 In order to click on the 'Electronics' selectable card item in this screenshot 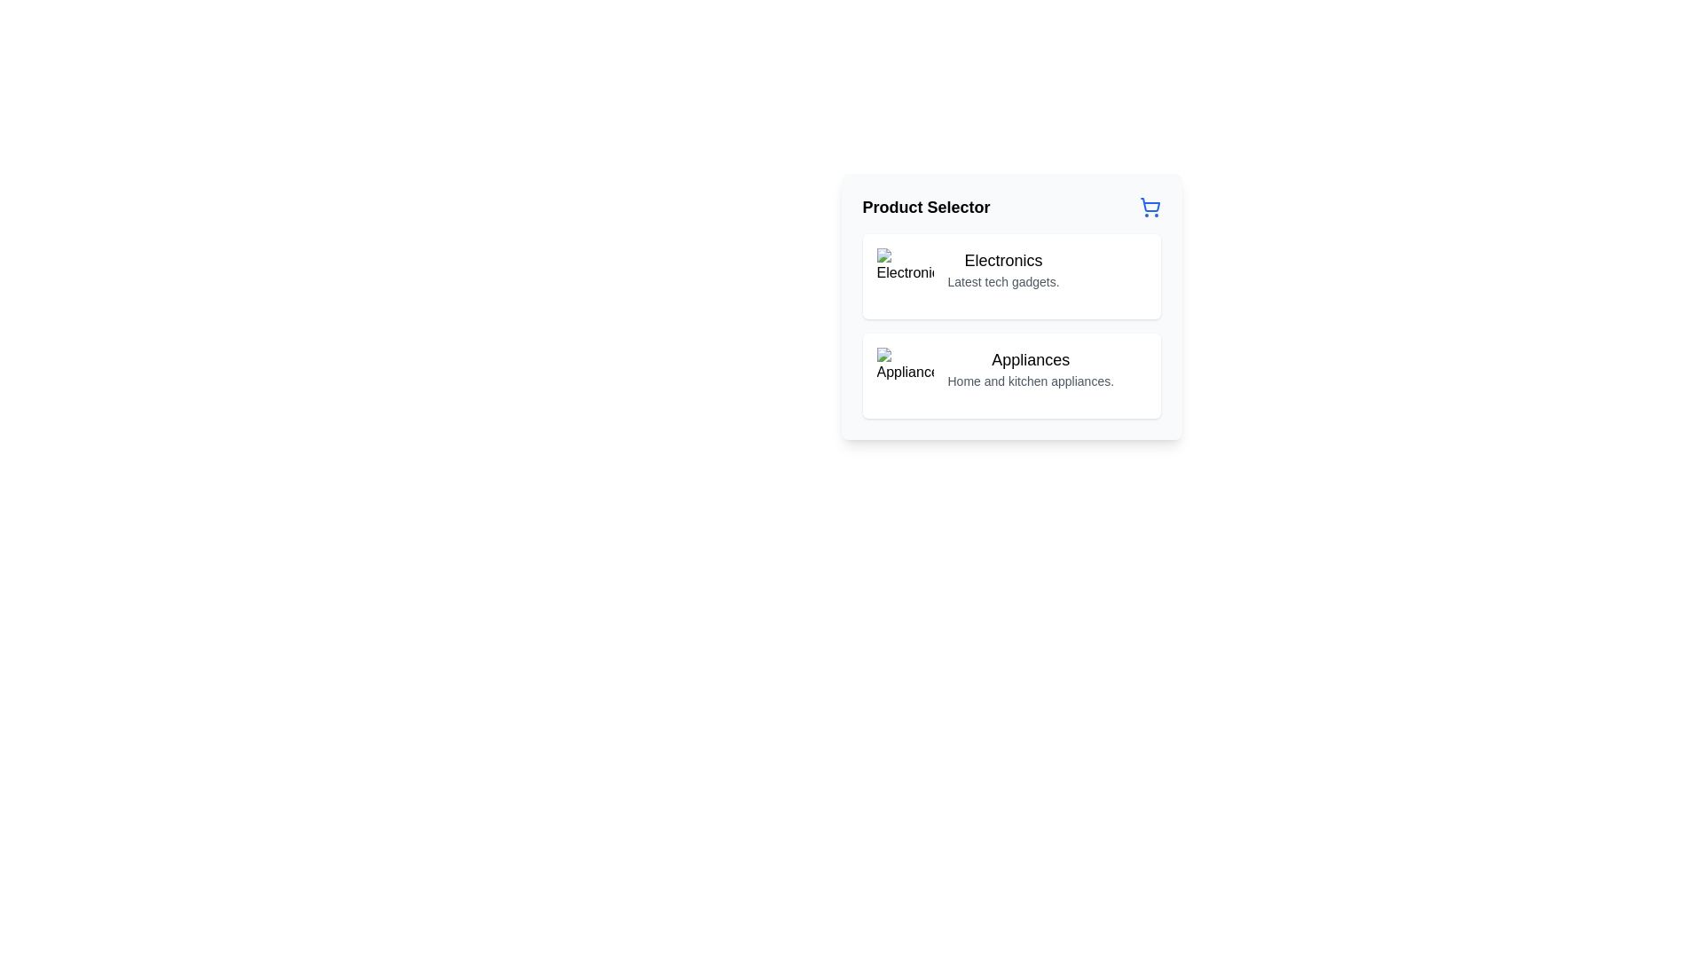, I will do `click(1011, 277)`.